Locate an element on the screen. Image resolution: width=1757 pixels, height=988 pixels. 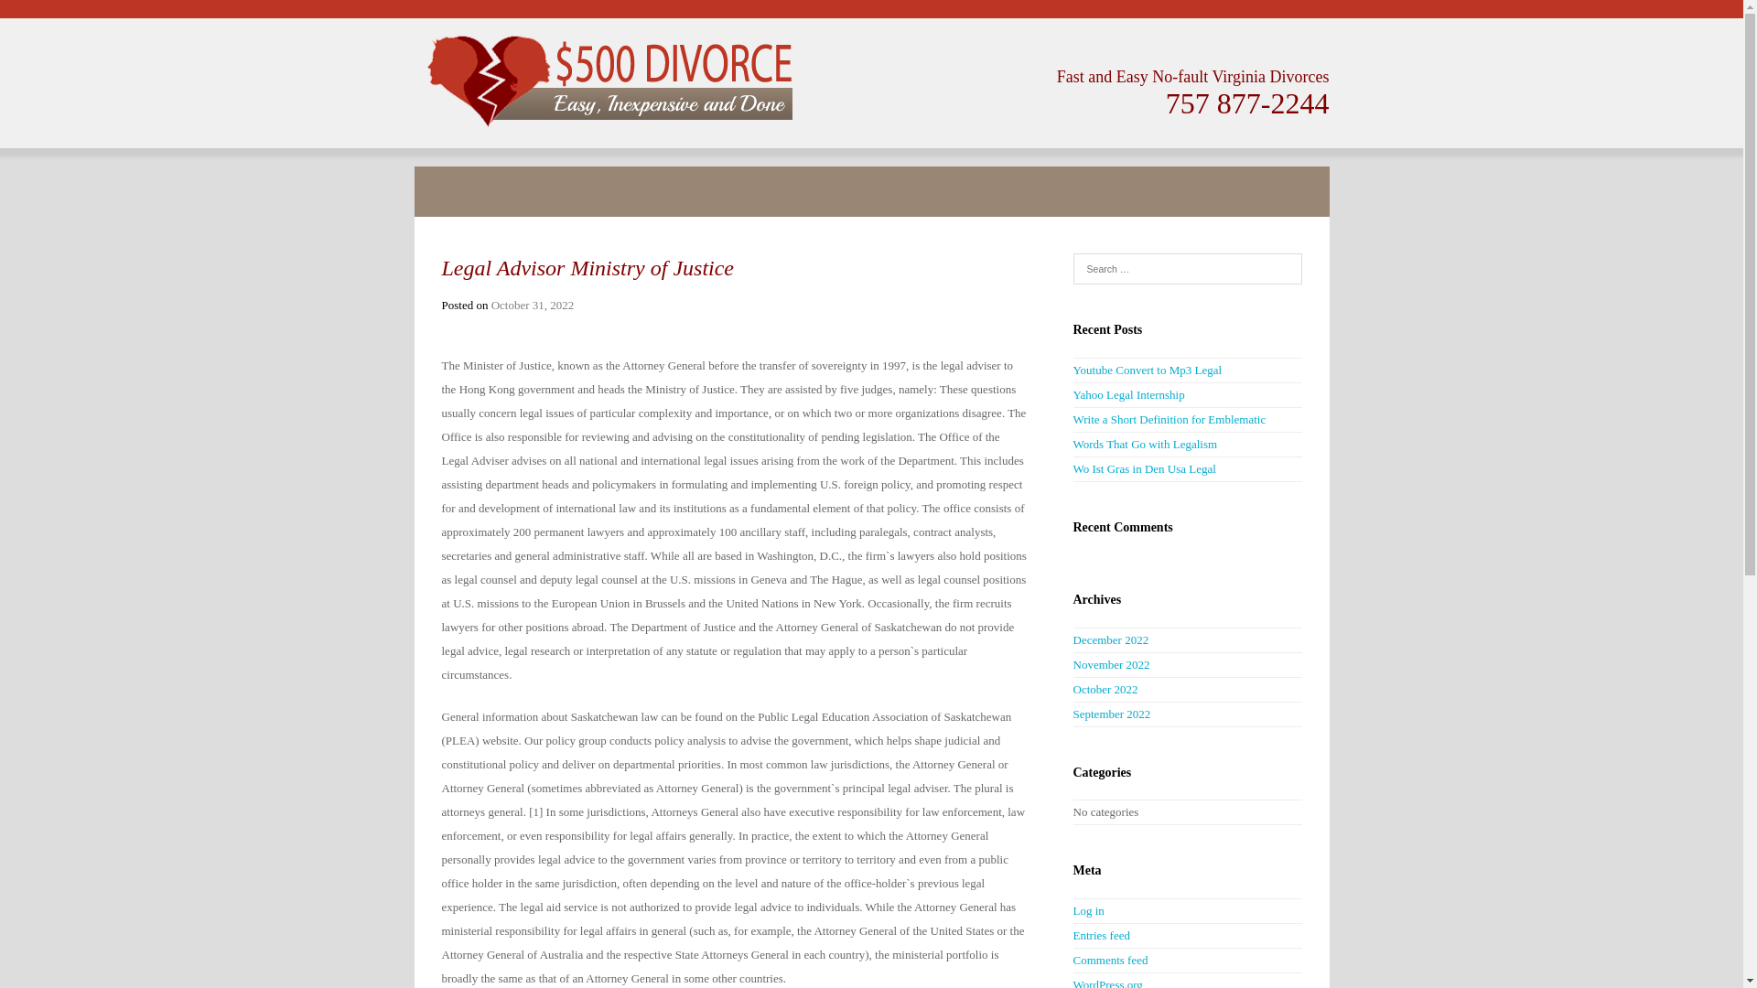
'October 2022' is located at coordinates (1072, 689).